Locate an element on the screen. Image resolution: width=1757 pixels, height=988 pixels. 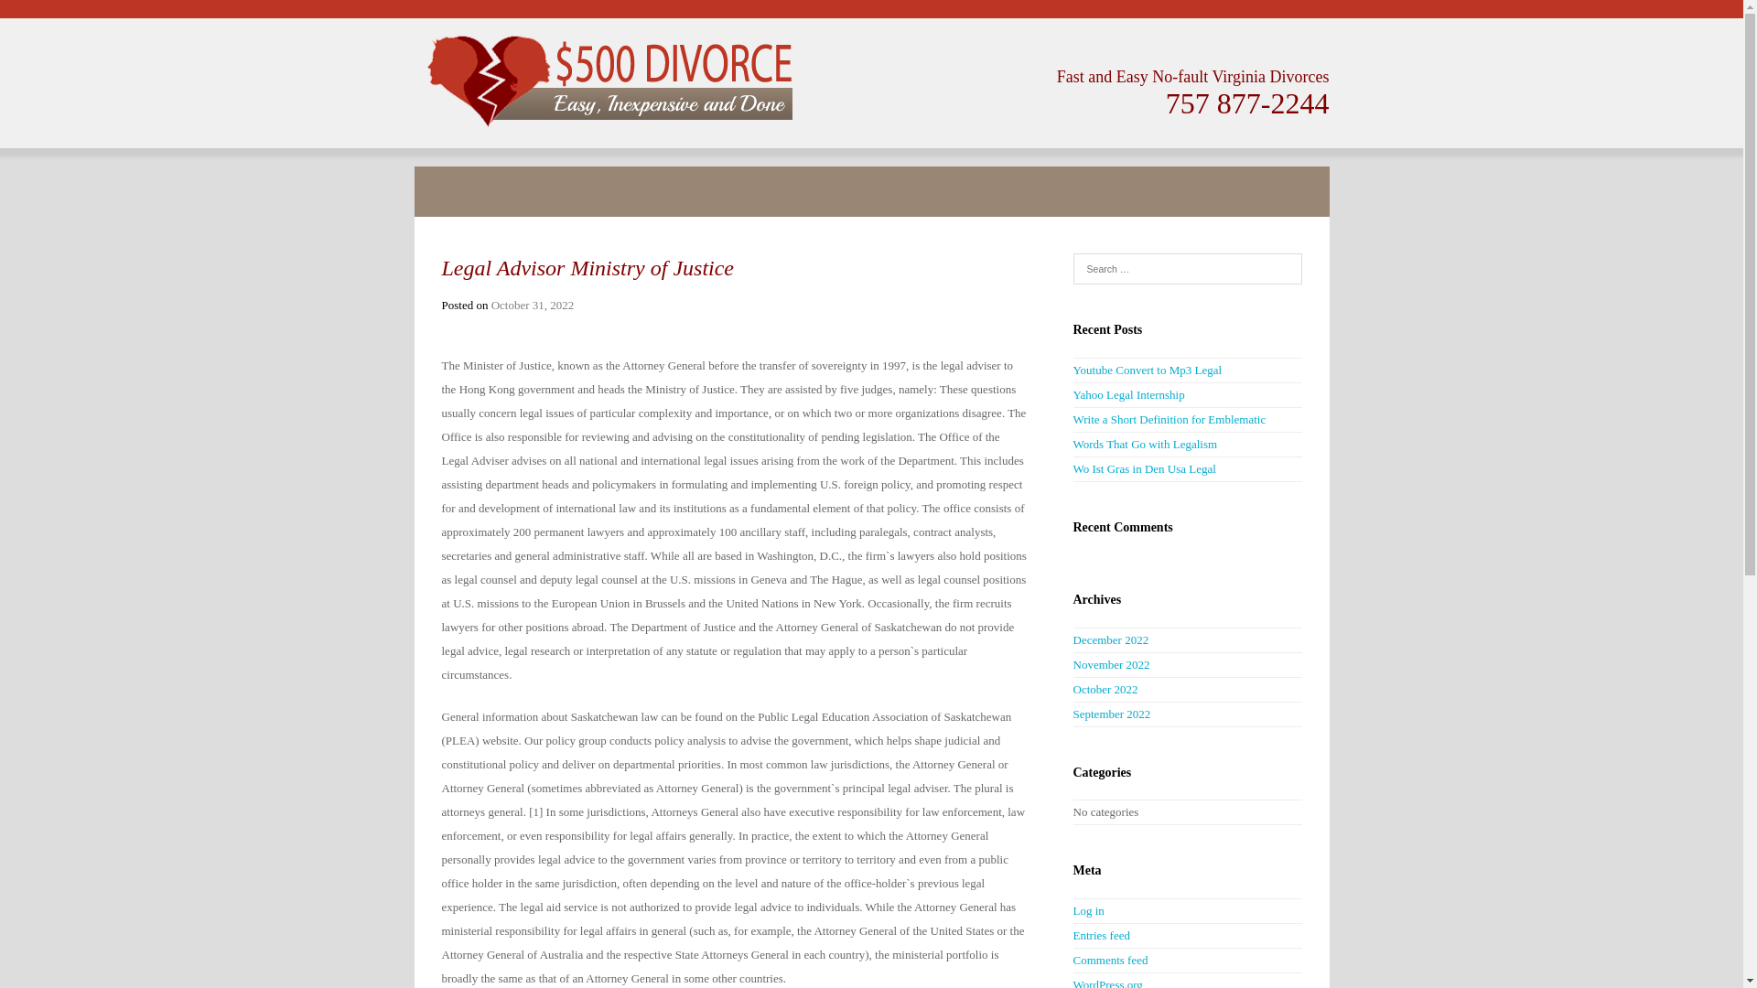
'October 2022' is located at coordinates (1072, 689).